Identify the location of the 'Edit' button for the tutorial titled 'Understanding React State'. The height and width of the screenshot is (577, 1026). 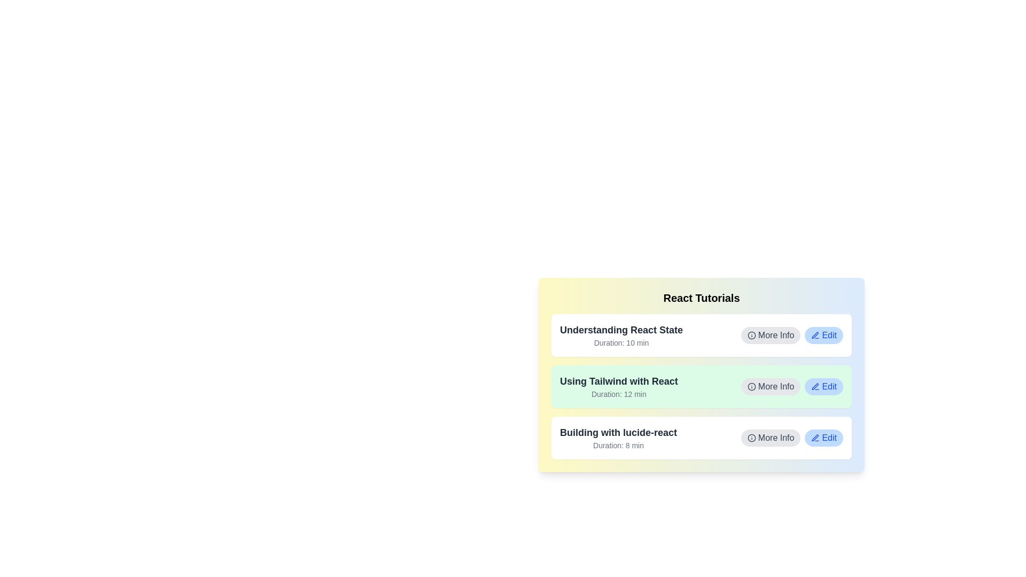
(823, 335).